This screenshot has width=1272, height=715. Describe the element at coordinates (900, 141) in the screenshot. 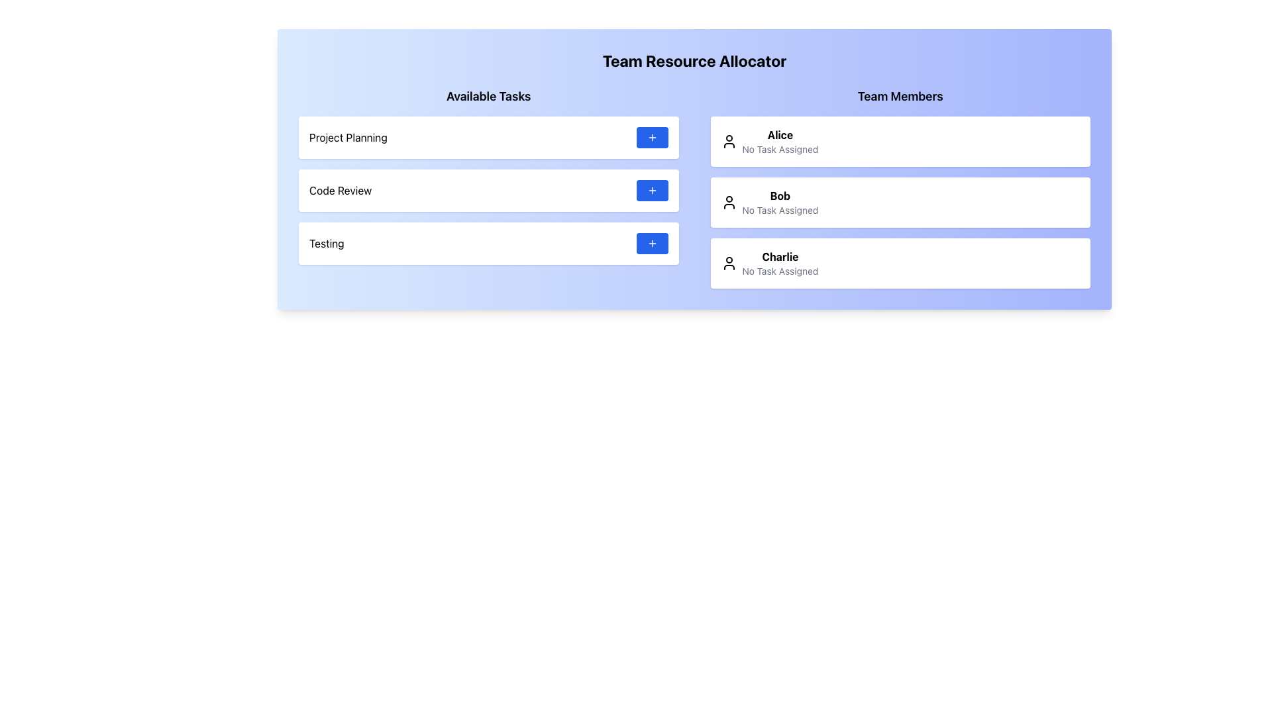

I see `the details shown in the Profile Display Card for the first team member under the 'Team Members' header` at that location.